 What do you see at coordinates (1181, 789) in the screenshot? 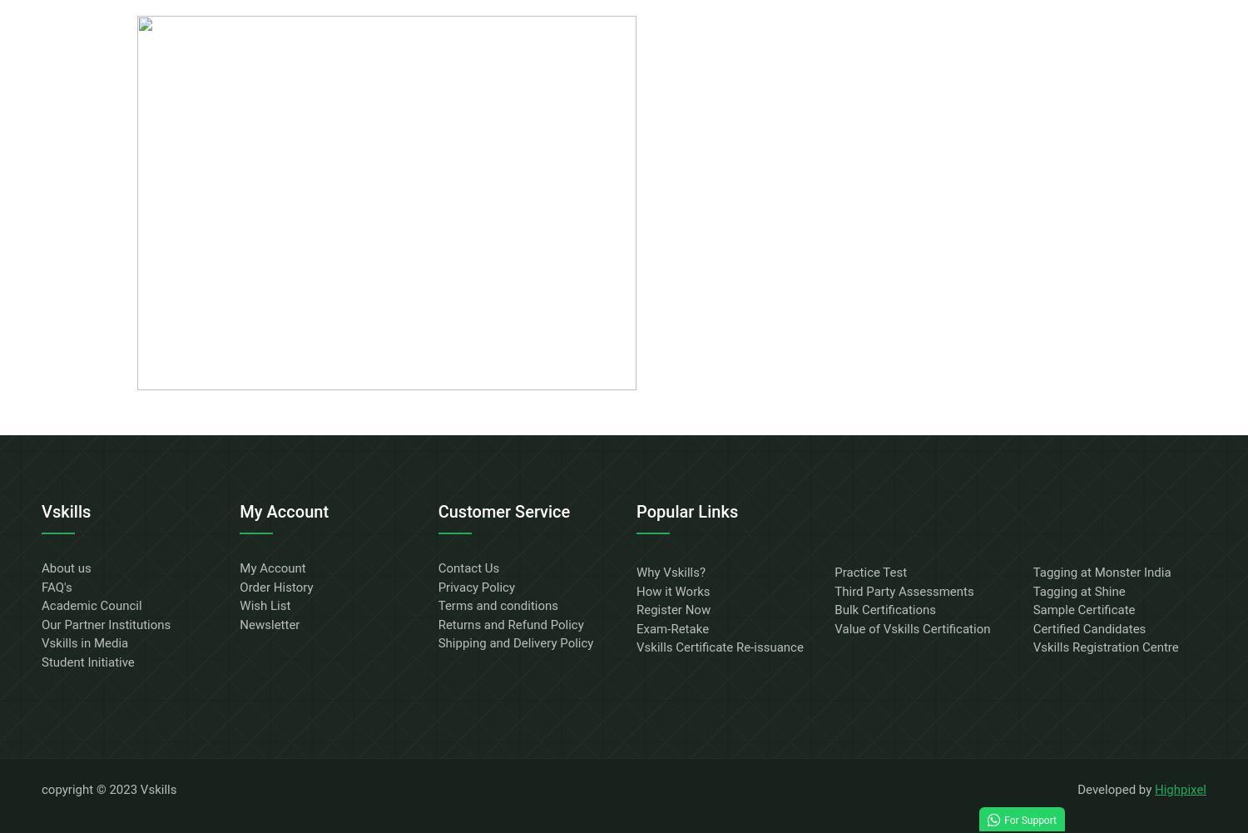
I see `'Highpixel'` at bounding box center [1181, 789].